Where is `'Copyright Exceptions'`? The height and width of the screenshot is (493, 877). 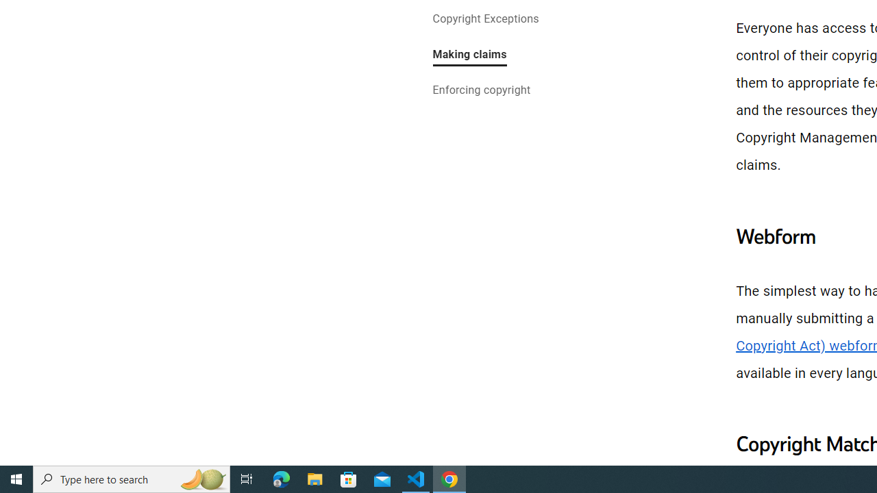
'Copyright Exceptions' is located at coordinates (486, 20).